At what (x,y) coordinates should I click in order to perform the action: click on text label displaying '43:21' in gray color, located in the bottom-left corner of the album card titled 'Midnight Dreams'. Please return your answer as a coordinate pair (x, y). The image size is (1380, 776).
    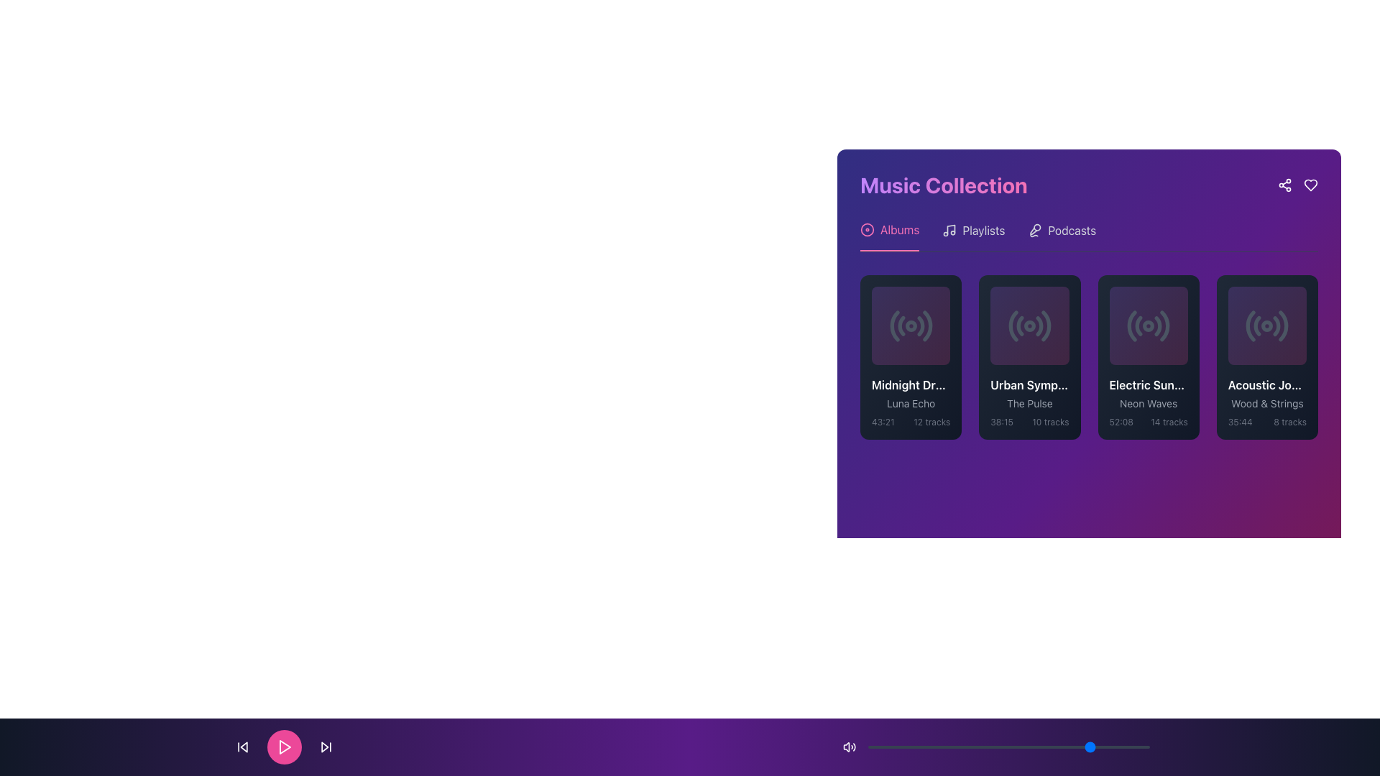
    Looking at the image, I should click on (882, 422).